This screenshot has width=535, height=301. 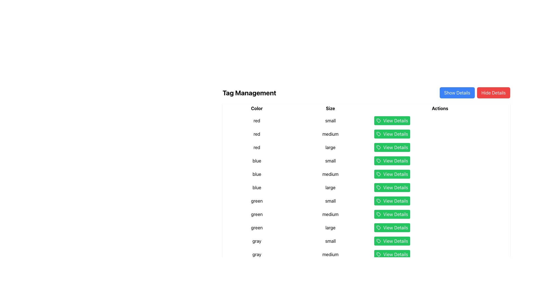 I want to click on text label displaying 'red' in the 'Color' column of the grid using developer tools, so click(x=256, y=120).